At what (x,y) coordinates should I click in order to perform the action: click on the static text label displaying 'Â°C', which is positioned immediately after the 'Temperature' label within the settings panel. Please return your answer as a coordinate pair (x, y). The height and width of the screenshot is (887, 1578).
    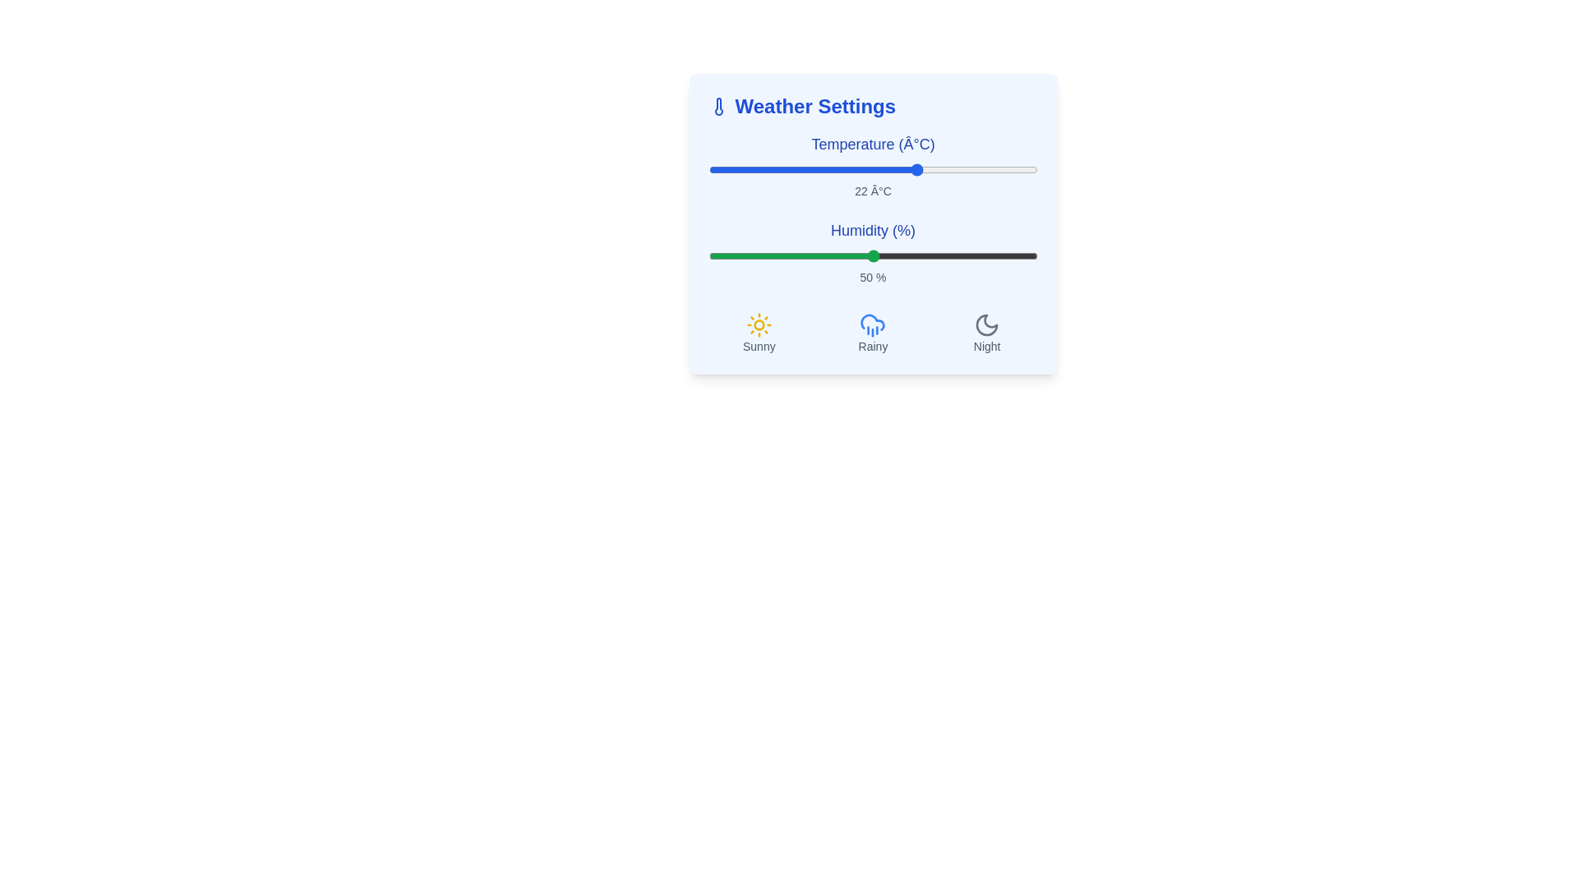
    Looking at the image, I should click on (916, 144).